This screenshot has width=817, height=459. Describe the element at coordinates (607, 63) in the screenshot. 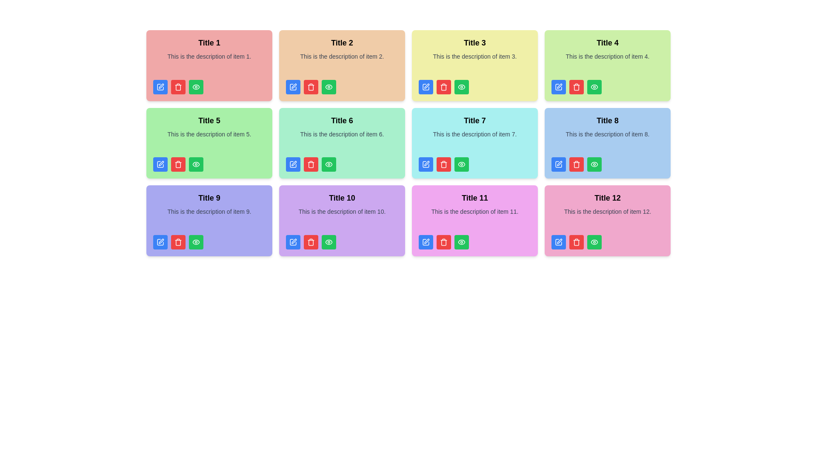

I see `the static text block that provides descriptive information about the card labeled 'Title 4', located within the green card in the top-right section of the interface` at that location.